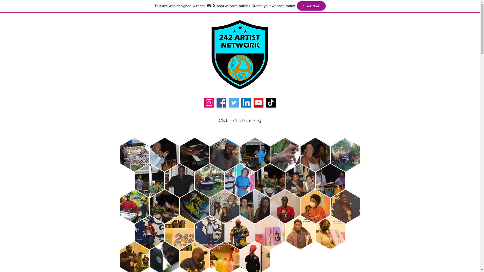 The height and width of the screenshot is (272, 484). Describe the element at coordinates (240, 120) in the screenshot. I see `'Click To Visit Our Blog'` at that location.